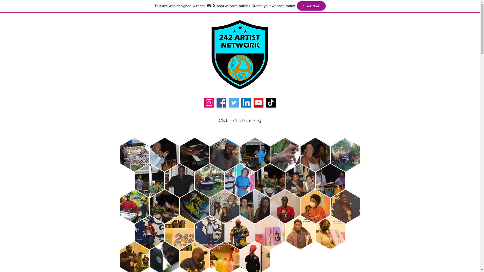 The height and width of the screenshot is (272, 484). Describe the element at coordinates (240, 120) in the screenshot. I see `'Click To Visit Our Blog'` at that location.